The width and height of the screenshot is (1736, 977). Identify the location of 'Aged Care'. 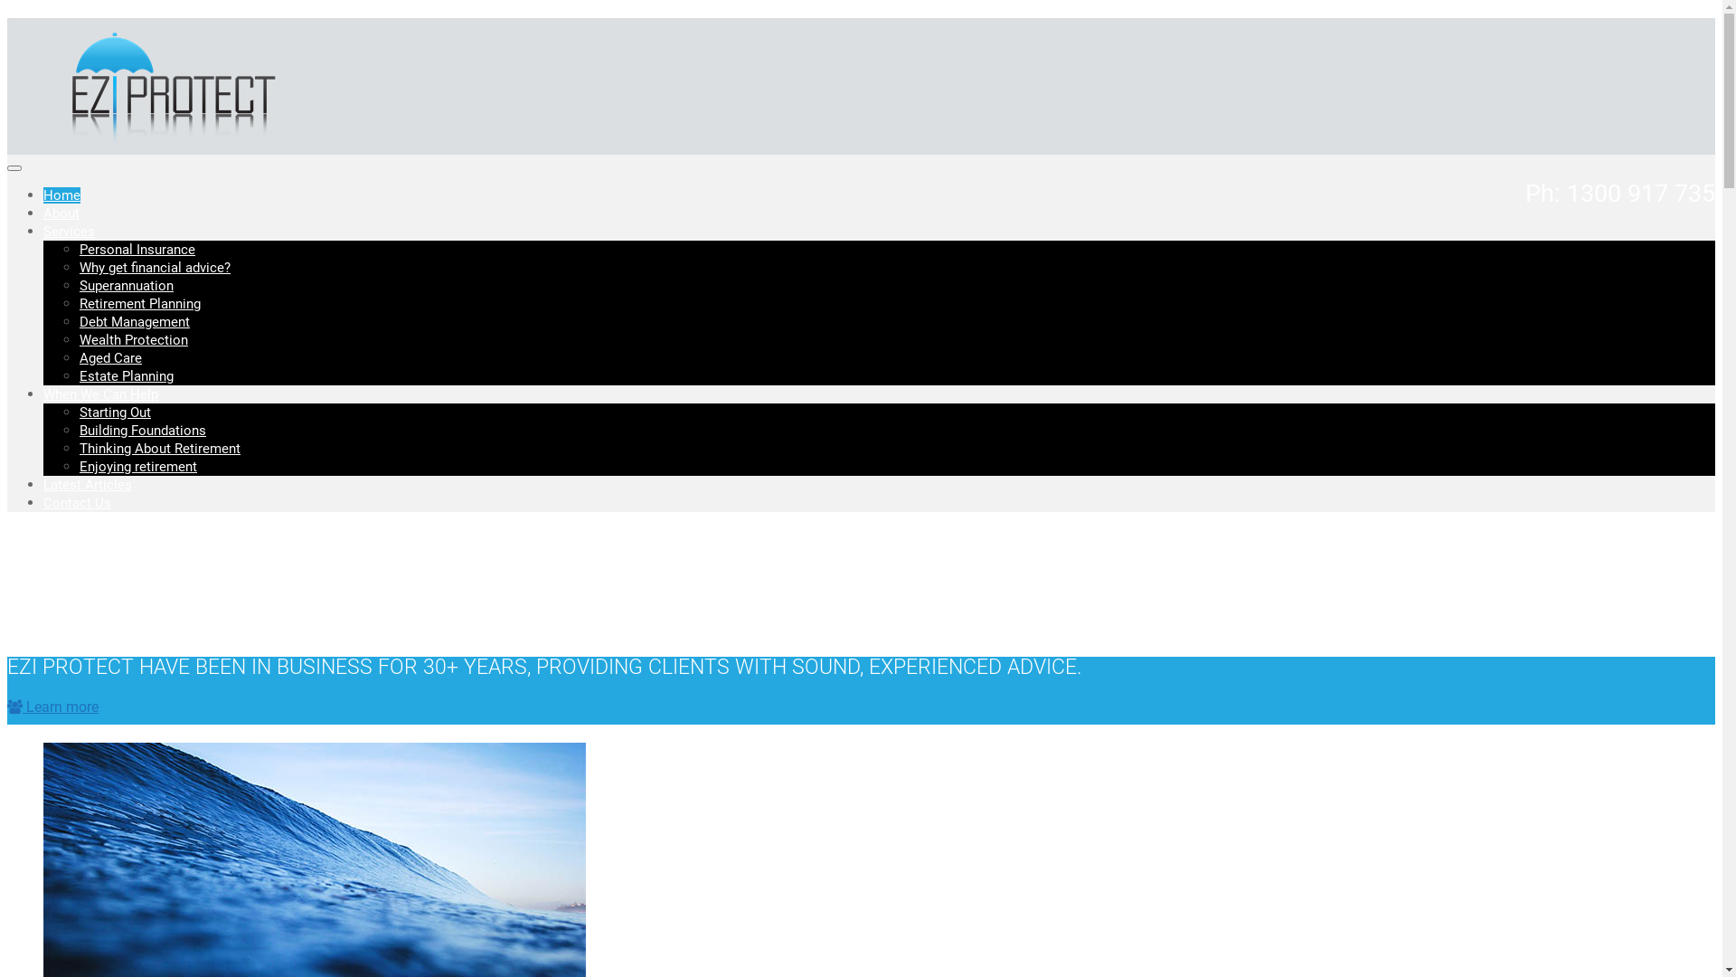
(78, 358).